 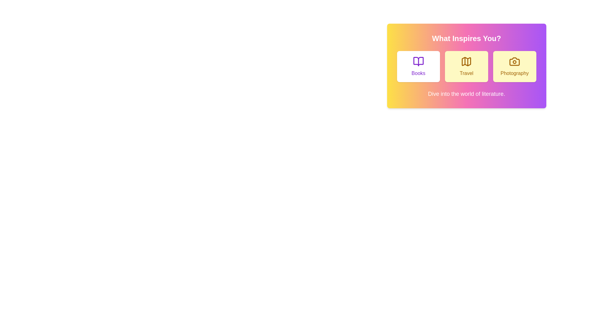 I want to click on the button corresponding to the experience Books, so click(x=418, y=66).